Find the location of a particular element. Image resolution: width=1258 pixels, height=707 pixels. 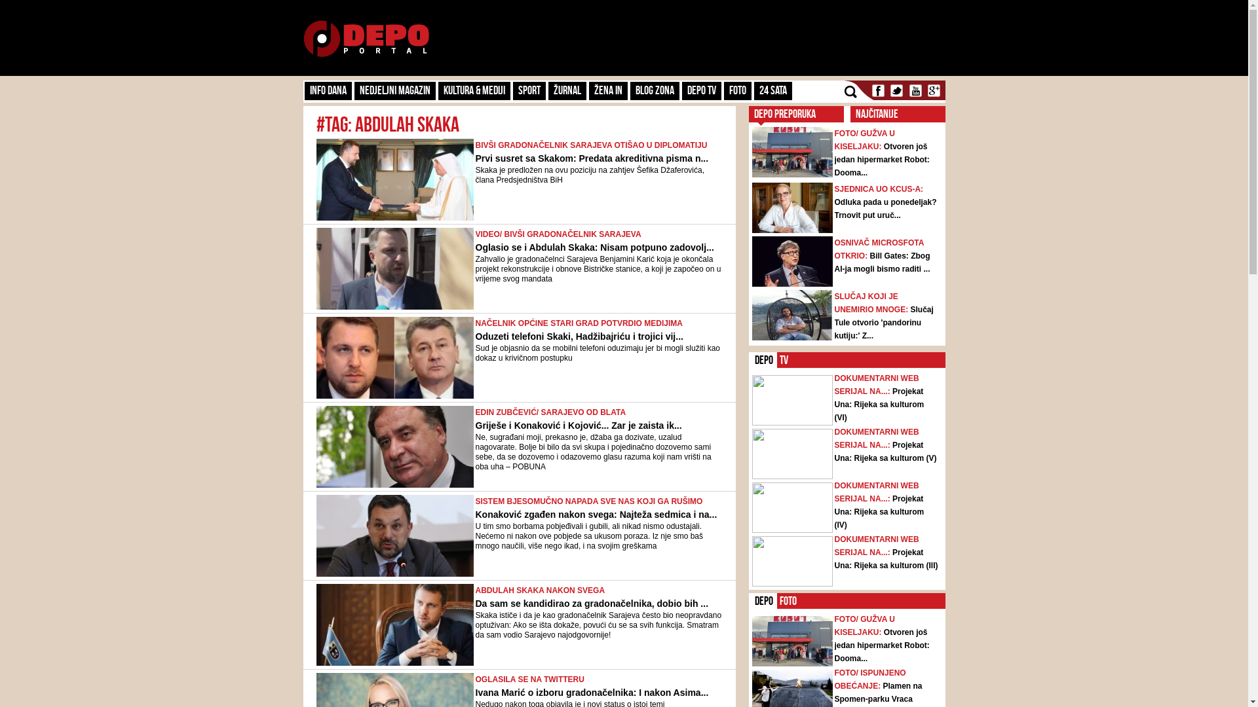

'Projekat Una: Rijeka sa kulturom (VI)' is located at coordinates (879, 403).